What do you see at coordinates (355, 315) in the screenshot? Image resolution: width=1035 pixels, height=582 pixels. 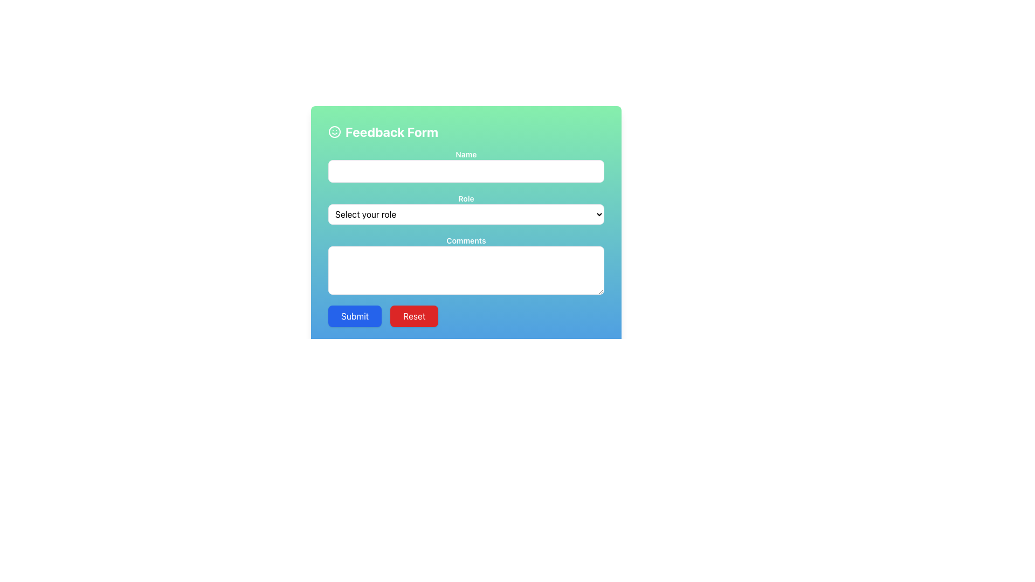 I see `the 'Submit' button` at bounding box center [355, 315].